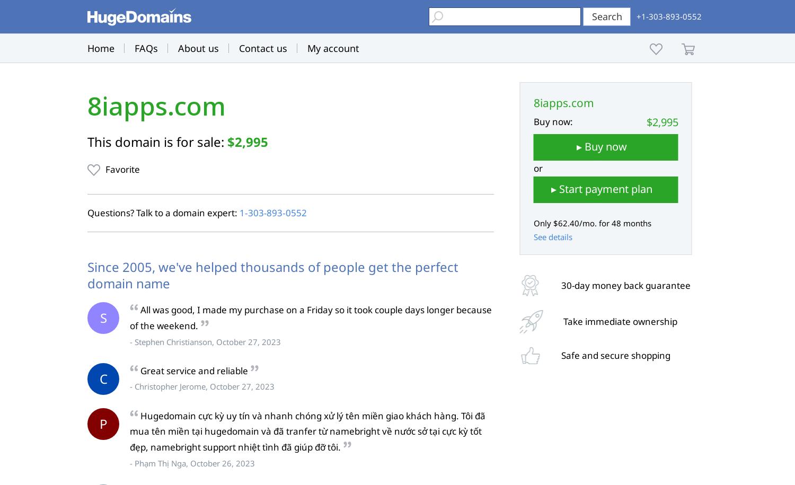 The height and width of the screenshot is (485, 795). Describe the element at coordinates (156, 105) in the screenshot. I see `'8iapps.com'` at that location.